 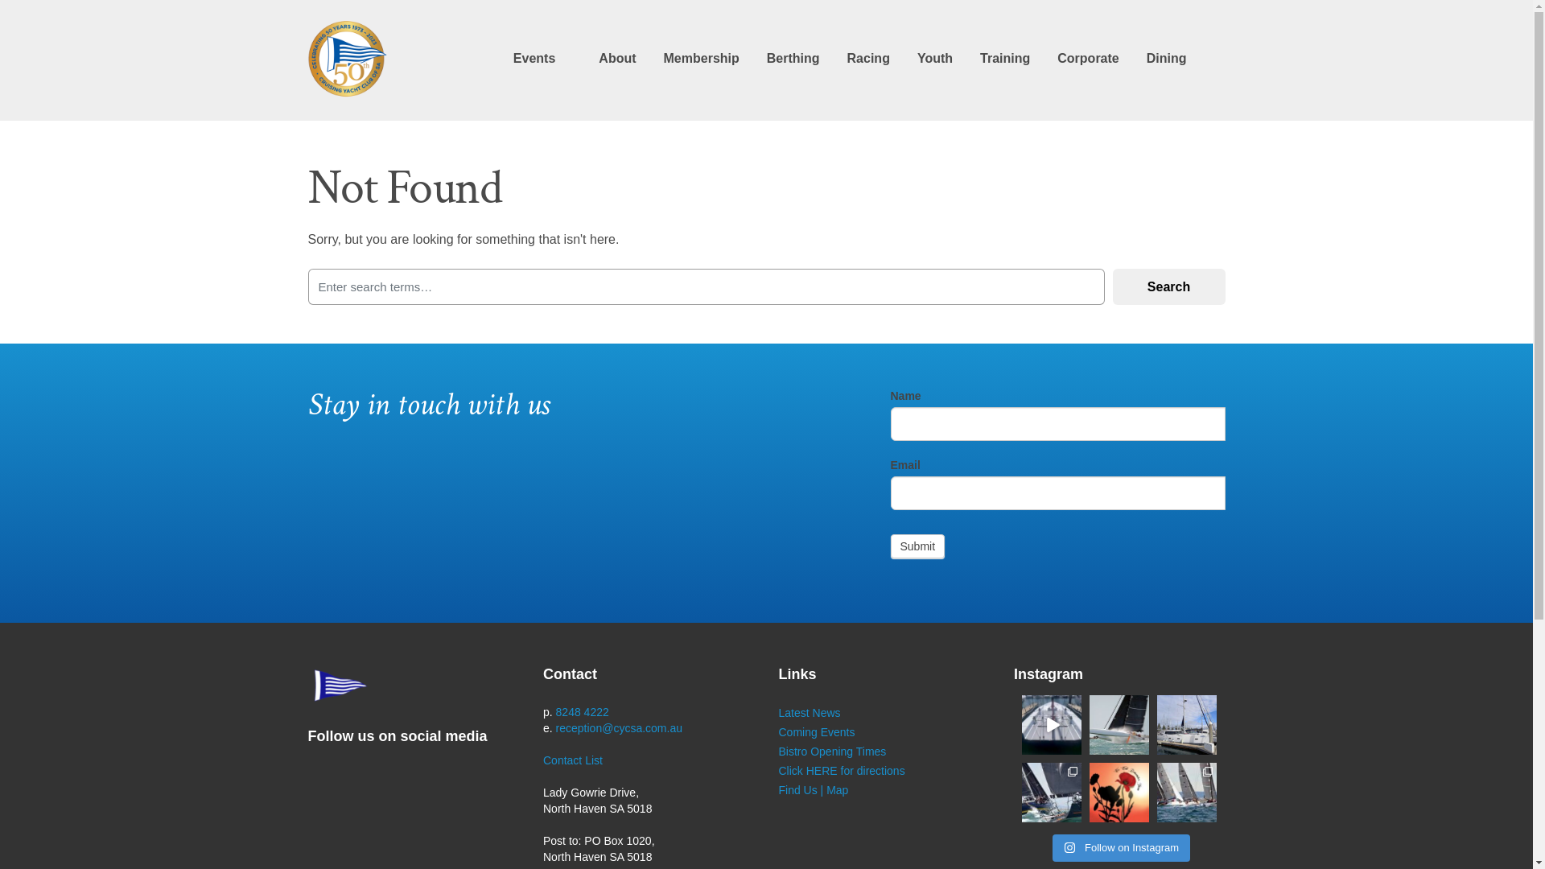 I want to click on 'Dining', so click(x=1166, y=58).